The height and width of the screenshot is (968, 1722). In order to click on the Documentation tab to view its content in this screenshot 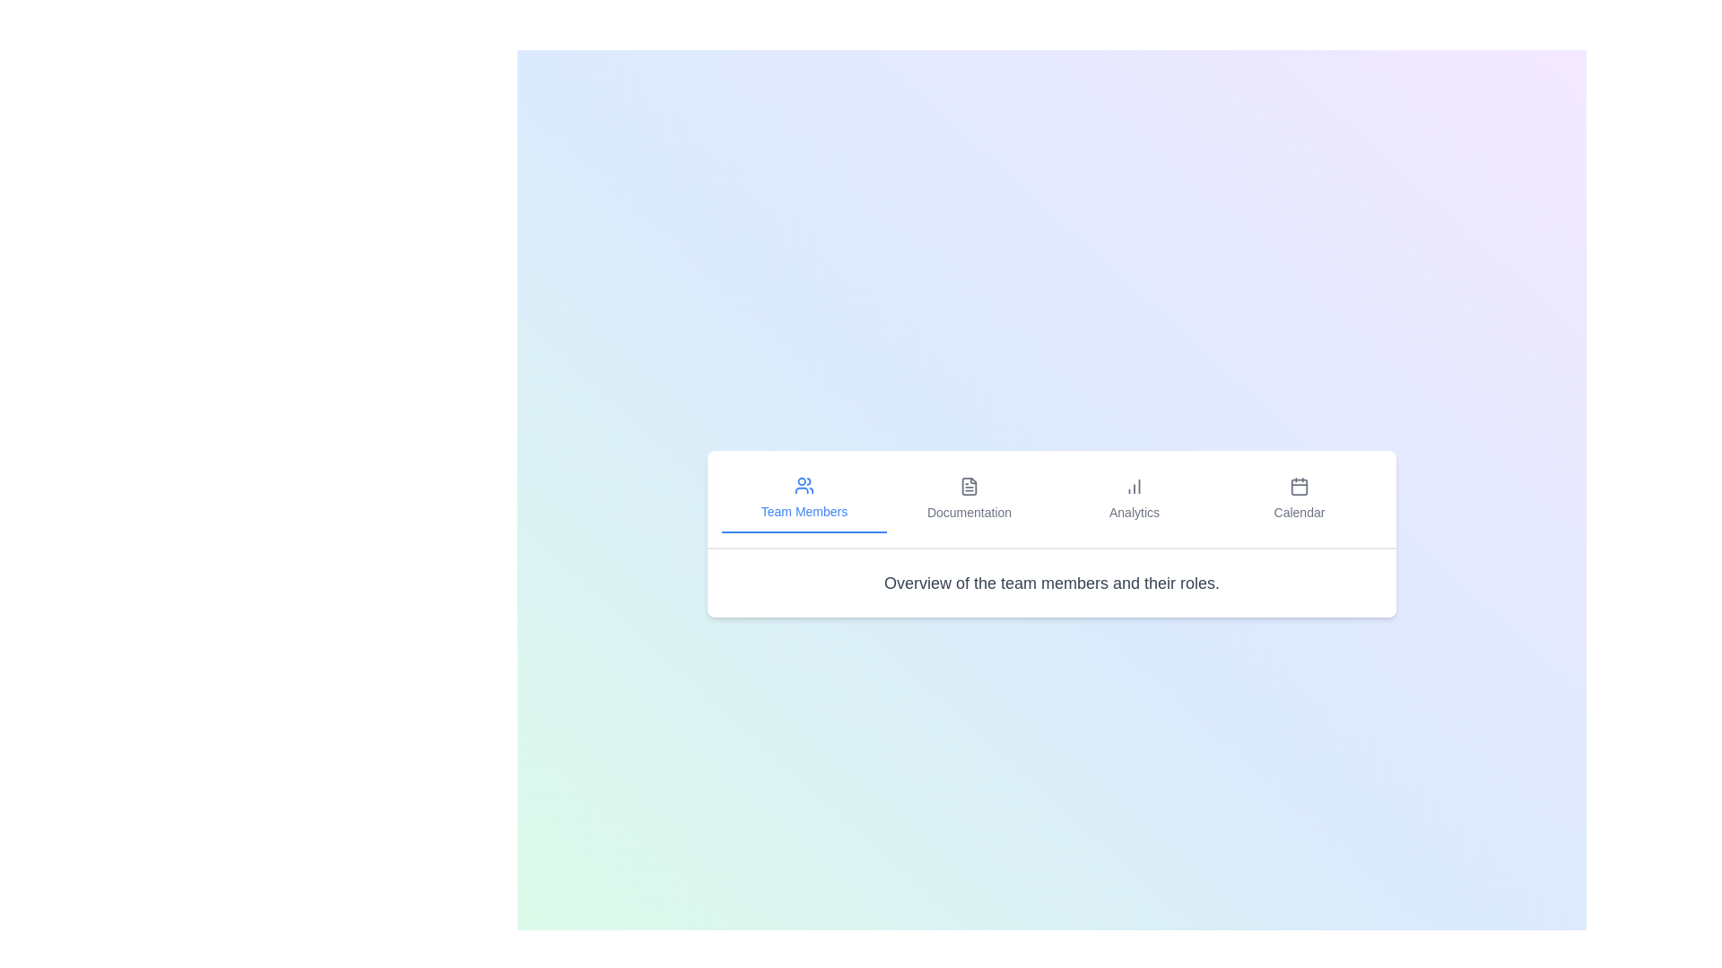, I will do `click(968, 498)`.